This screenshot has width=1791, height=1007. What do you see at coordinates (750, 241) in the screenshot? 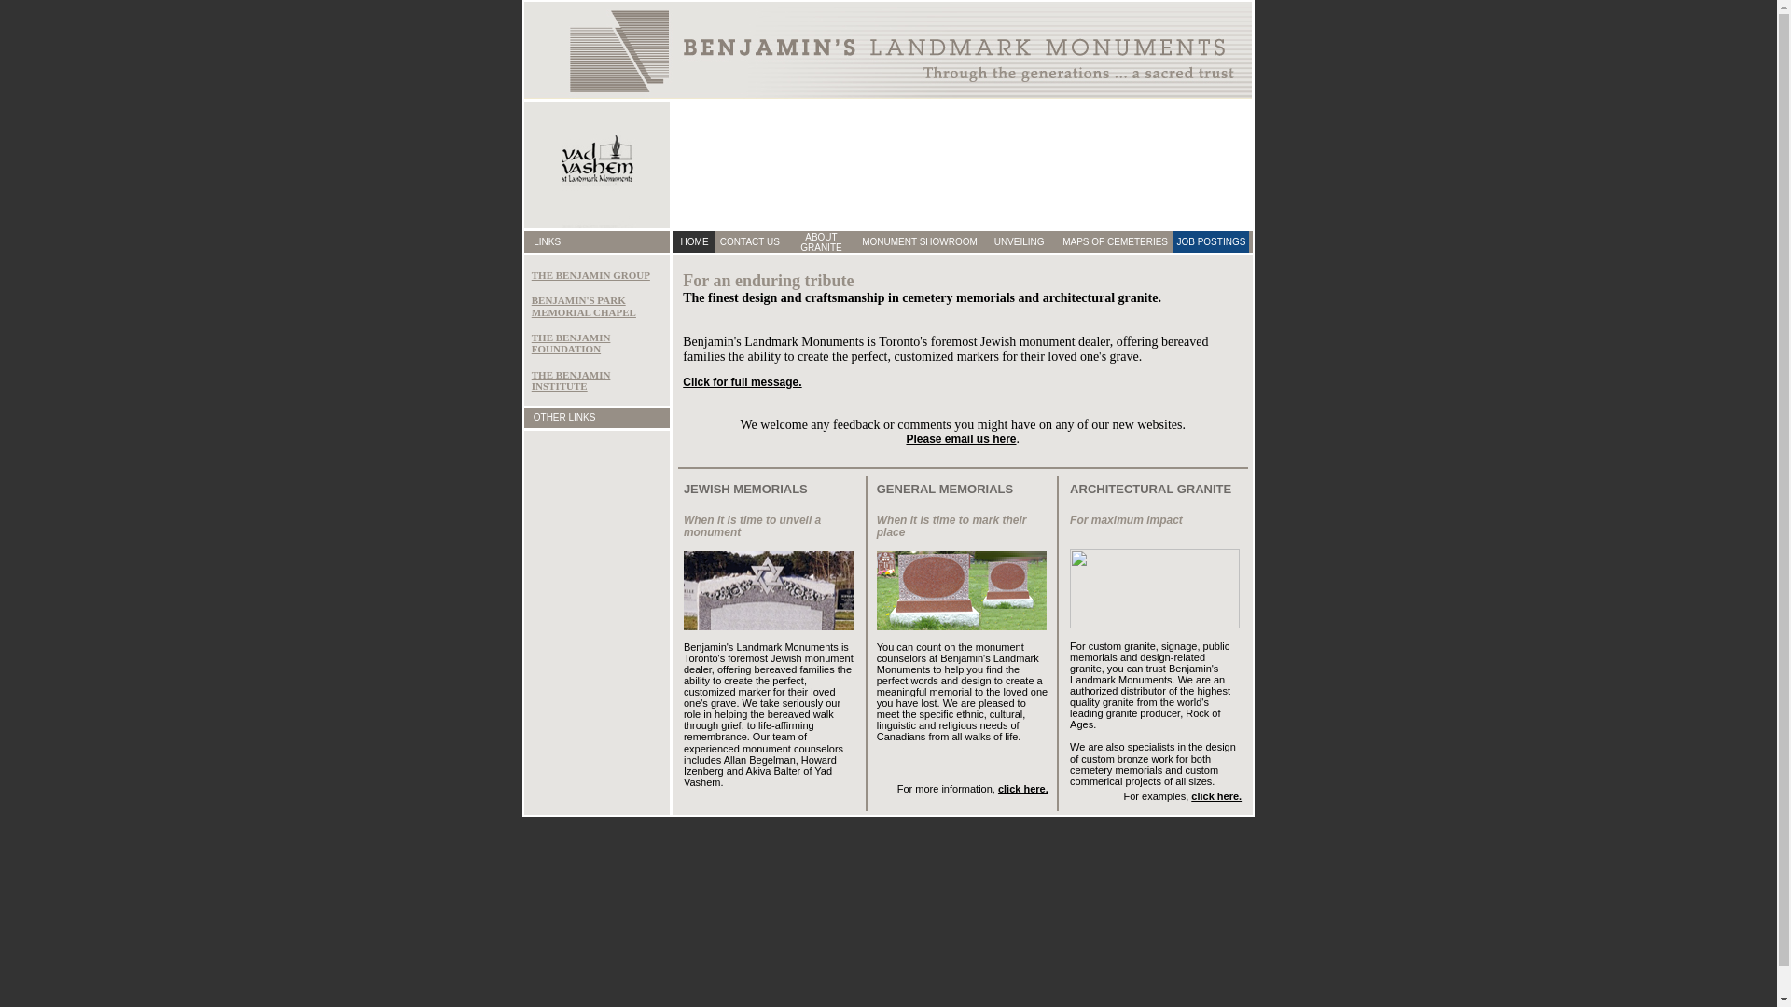
I see `'CONTACT US'` at bounding box center [750, 241].